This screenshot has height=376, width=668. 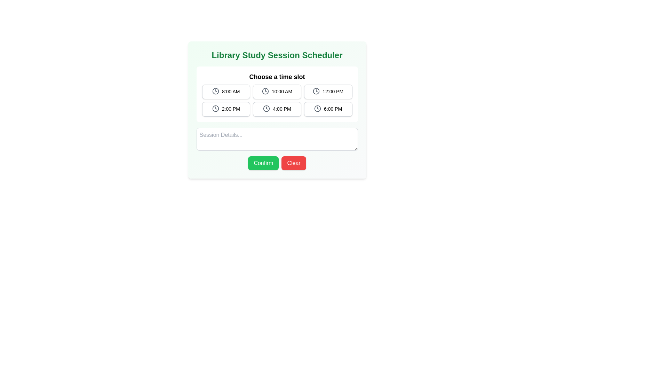 I want to click on the selectable time slot button located in the second row, first column of the grid layout, so click(x=226, y=109).